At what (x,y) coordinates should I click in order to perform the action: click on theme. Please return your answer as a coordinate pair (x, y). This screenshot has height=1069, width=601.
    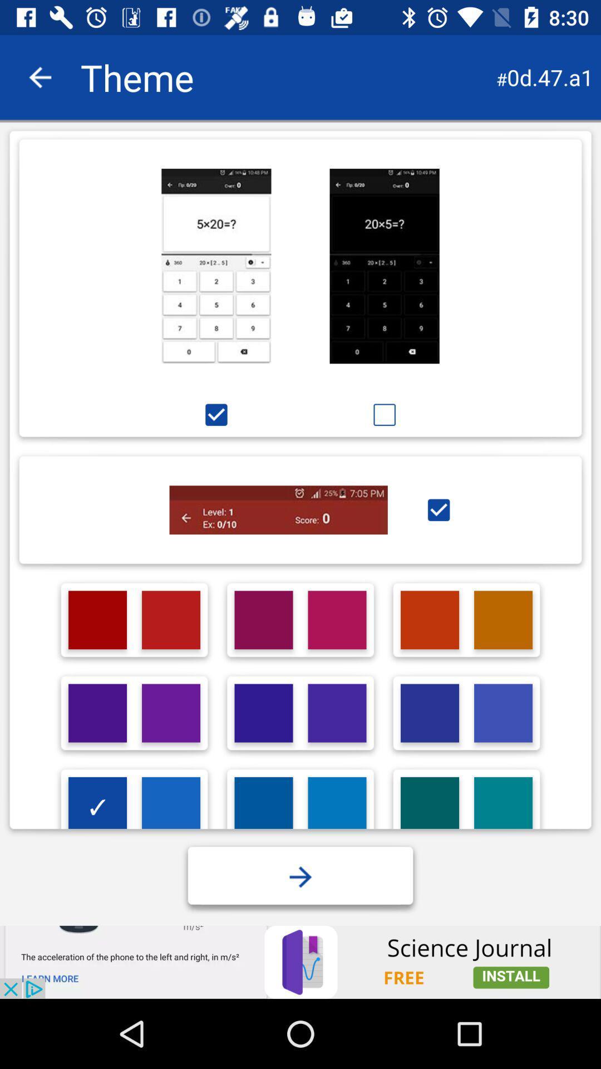
    Looking at the image, I should click on (384, 266).